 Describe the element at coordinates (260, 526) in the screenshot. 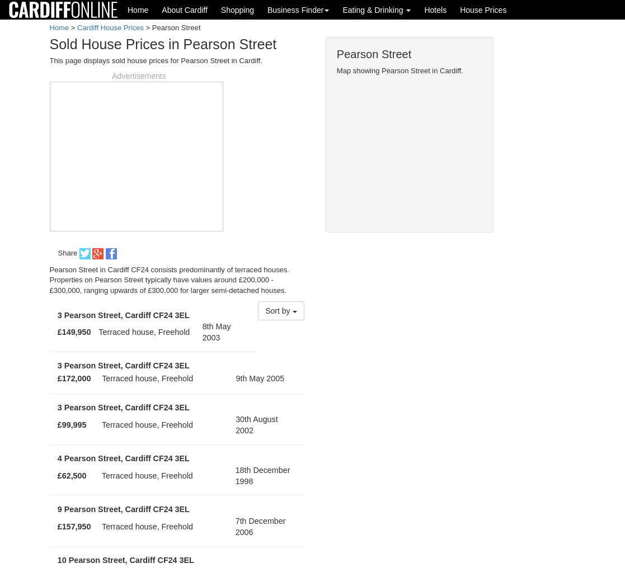

I see `'7th December 2006'` at that location.